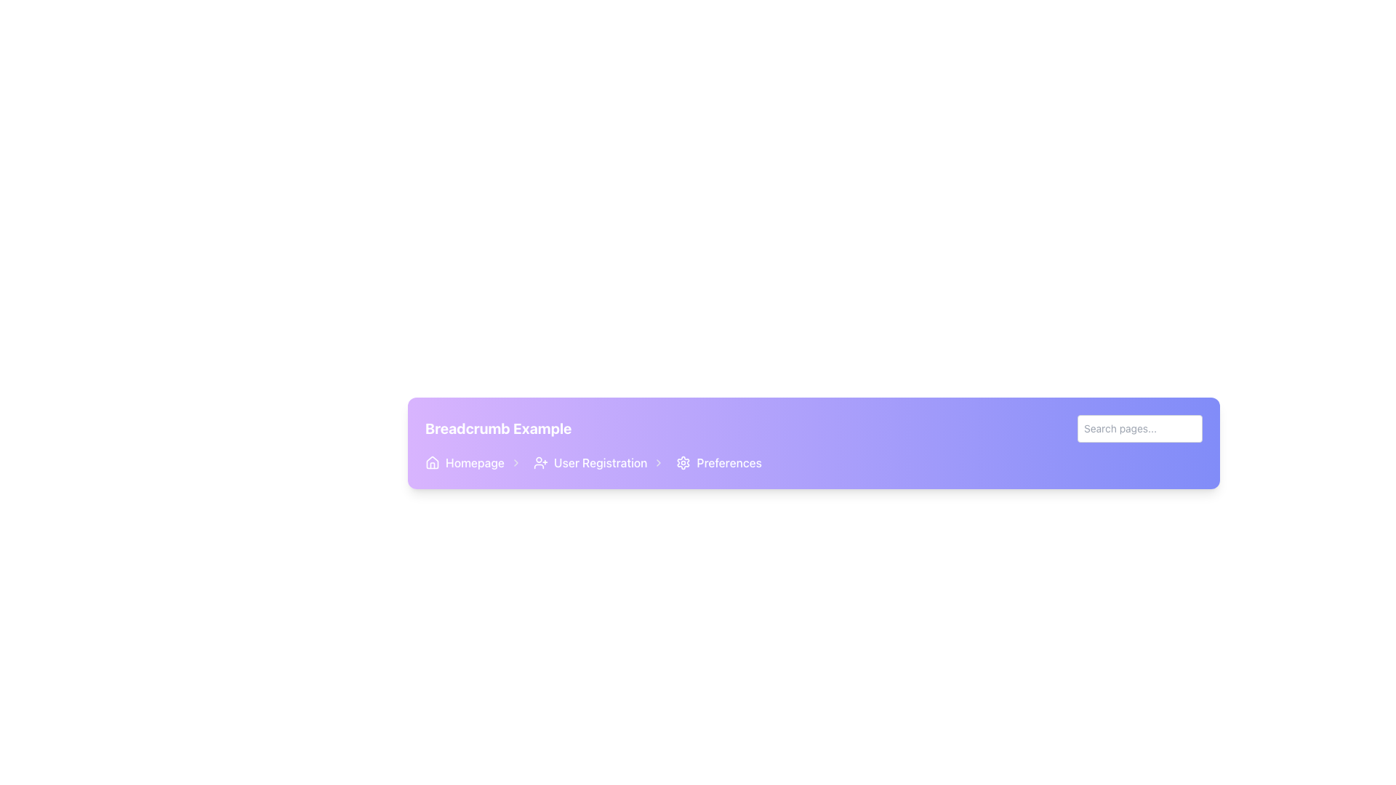 The image size is (1396, 785). I want to click on the clickable link in the breadcrumb navigation bar that leads to the 'User Registration' page to potentially reveal additional information or a tooltip, so click(599, 462).